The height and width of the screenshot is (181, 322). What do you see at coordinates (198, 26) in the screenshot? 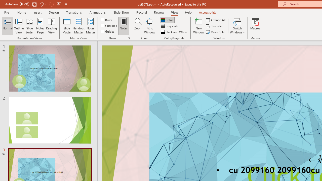
I see `'New Window'` at bounding box center [198, 26].